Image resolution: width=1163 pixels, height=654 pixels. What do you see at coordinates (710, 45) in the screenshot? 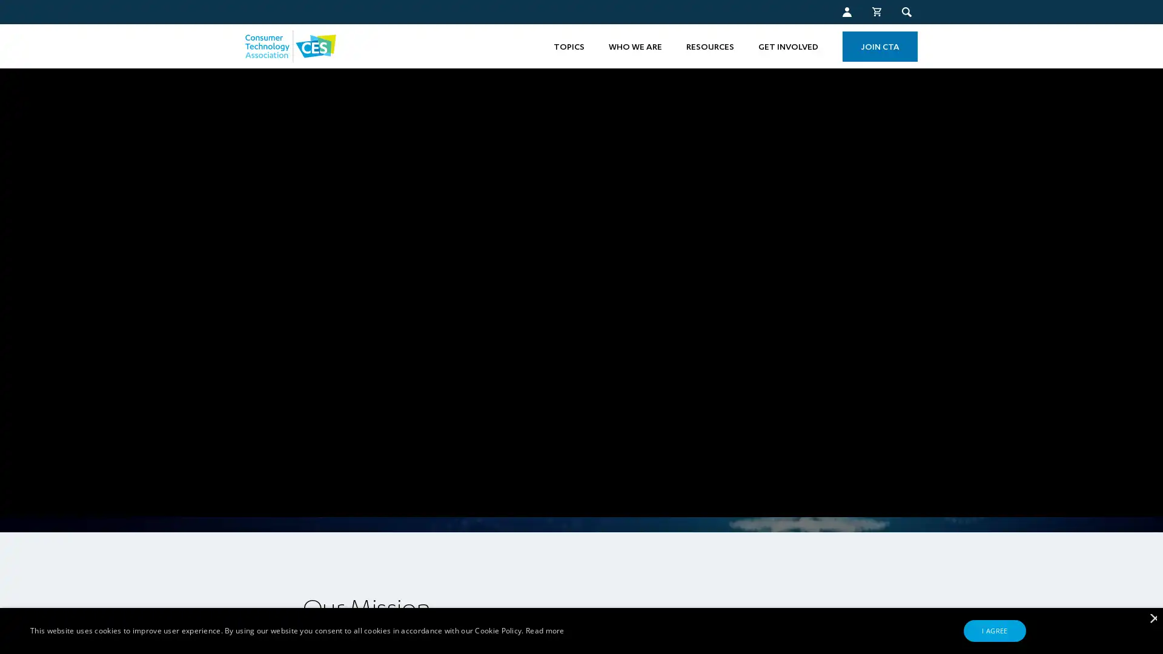
I see `RESOURCES` at bounding box center [710, 45].